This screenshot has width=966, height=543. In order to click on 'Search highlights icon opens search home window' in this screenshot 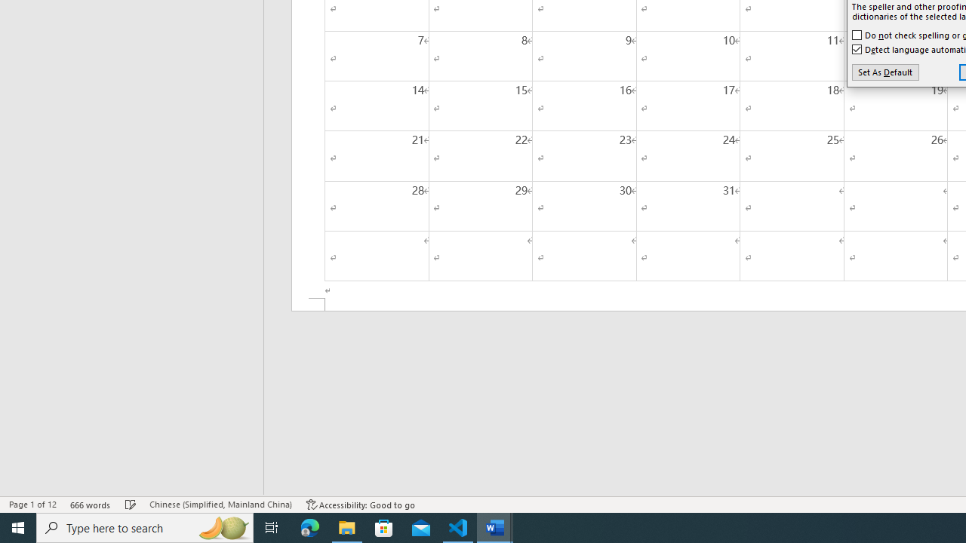, I will do `click(222, 526)`.